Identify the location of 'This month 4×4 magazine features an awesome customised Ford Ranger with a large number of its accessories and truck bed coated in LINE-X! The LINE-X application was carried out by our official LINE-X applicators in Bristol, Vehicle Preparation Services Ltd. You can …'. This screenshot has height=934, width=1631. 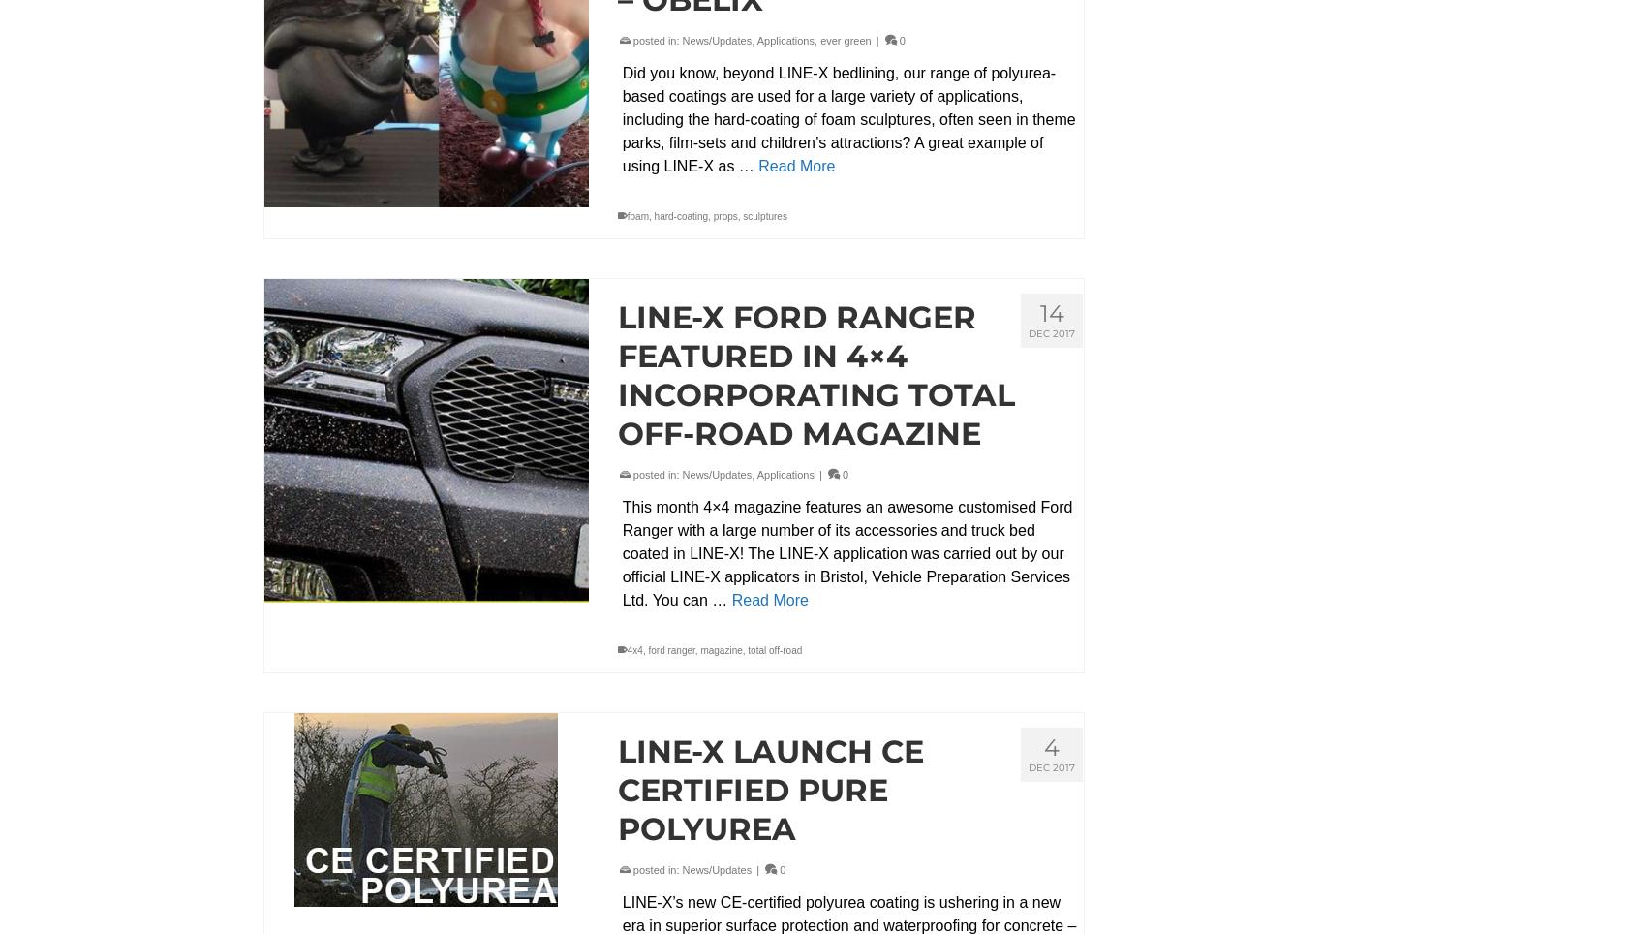
(621, 551).